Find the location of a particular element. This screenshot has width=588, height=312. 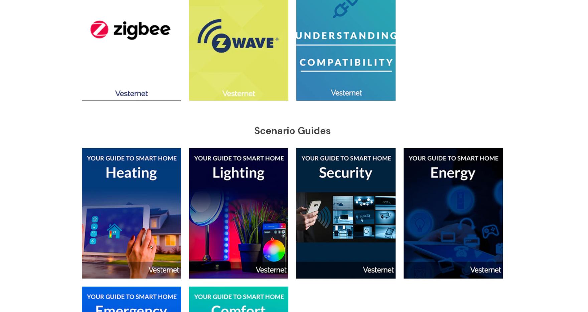

'Thermostat & Boiler Control Kits' is located at coordinates (141, 81).